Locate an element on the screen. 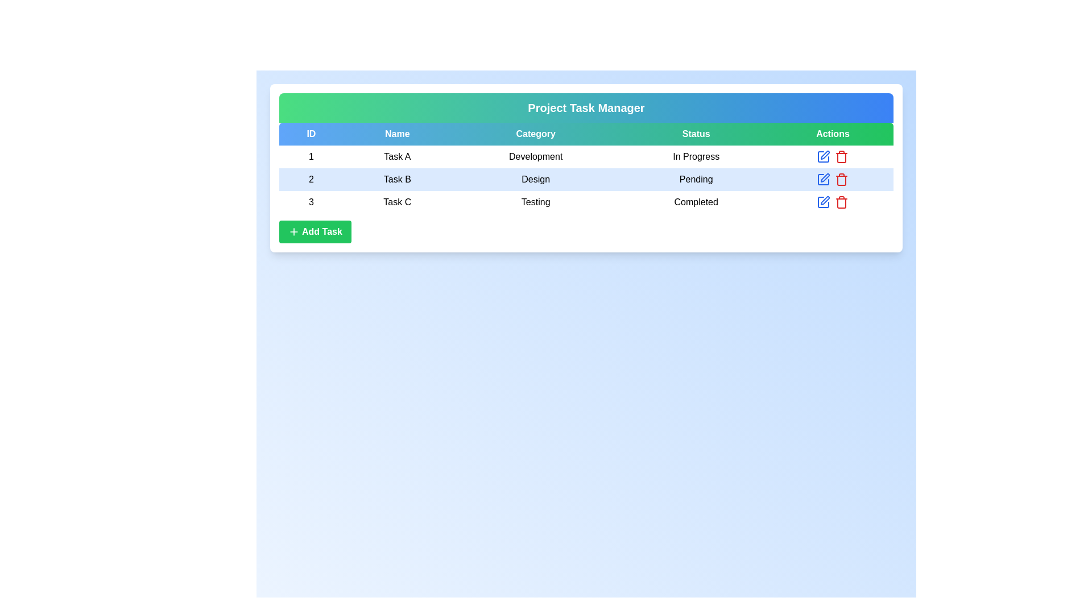 The width and height of the screenshot is (1092, 614). the 'Edit' icon for the task with ID 2 is located at coordinates (824, 179).